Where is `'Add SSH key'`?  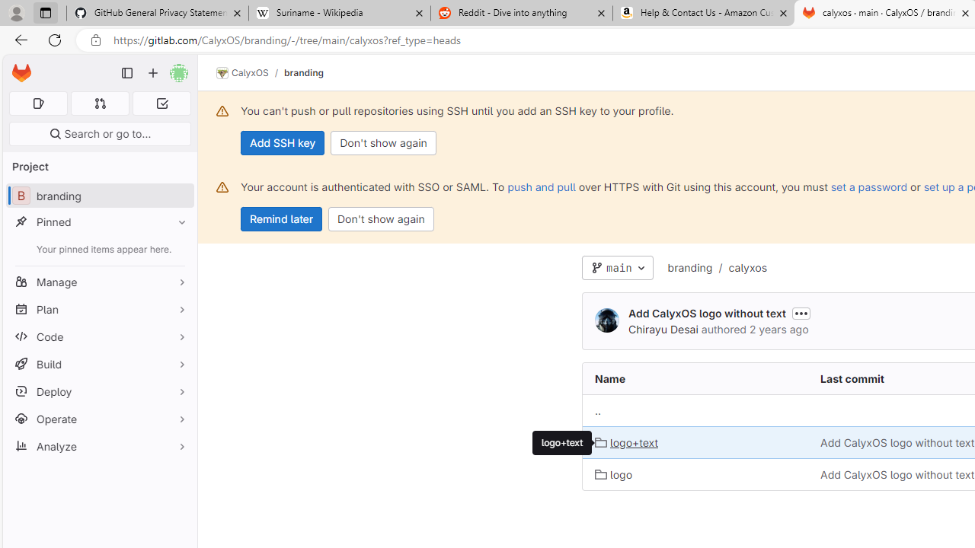
'Add SSH key' is located at coordinates (283, 142).